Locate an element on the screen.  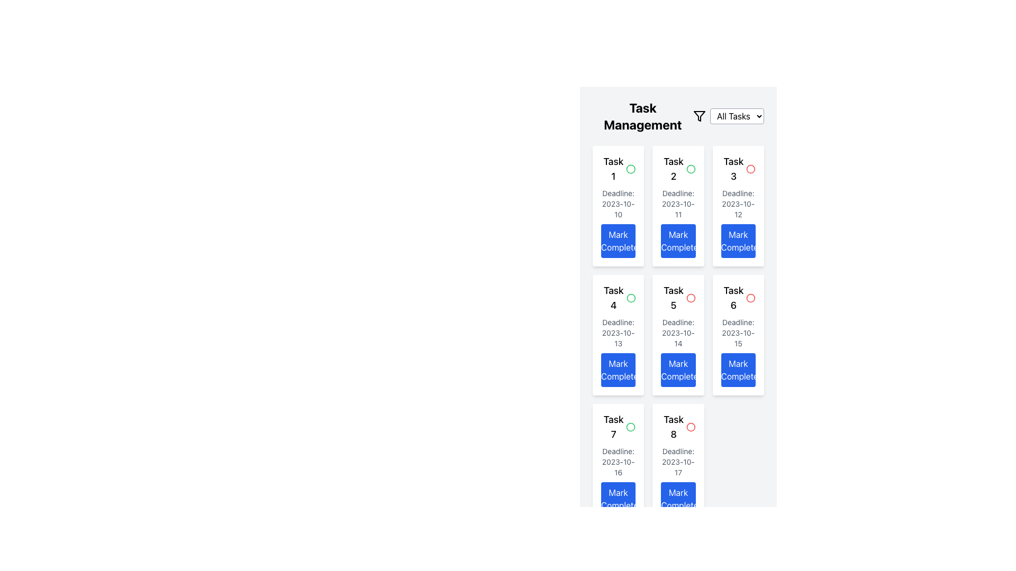
the visual indicator representing the status of Task 5, located next to the task title in the top-right corner of the task card is located at coordinates (691, 298).